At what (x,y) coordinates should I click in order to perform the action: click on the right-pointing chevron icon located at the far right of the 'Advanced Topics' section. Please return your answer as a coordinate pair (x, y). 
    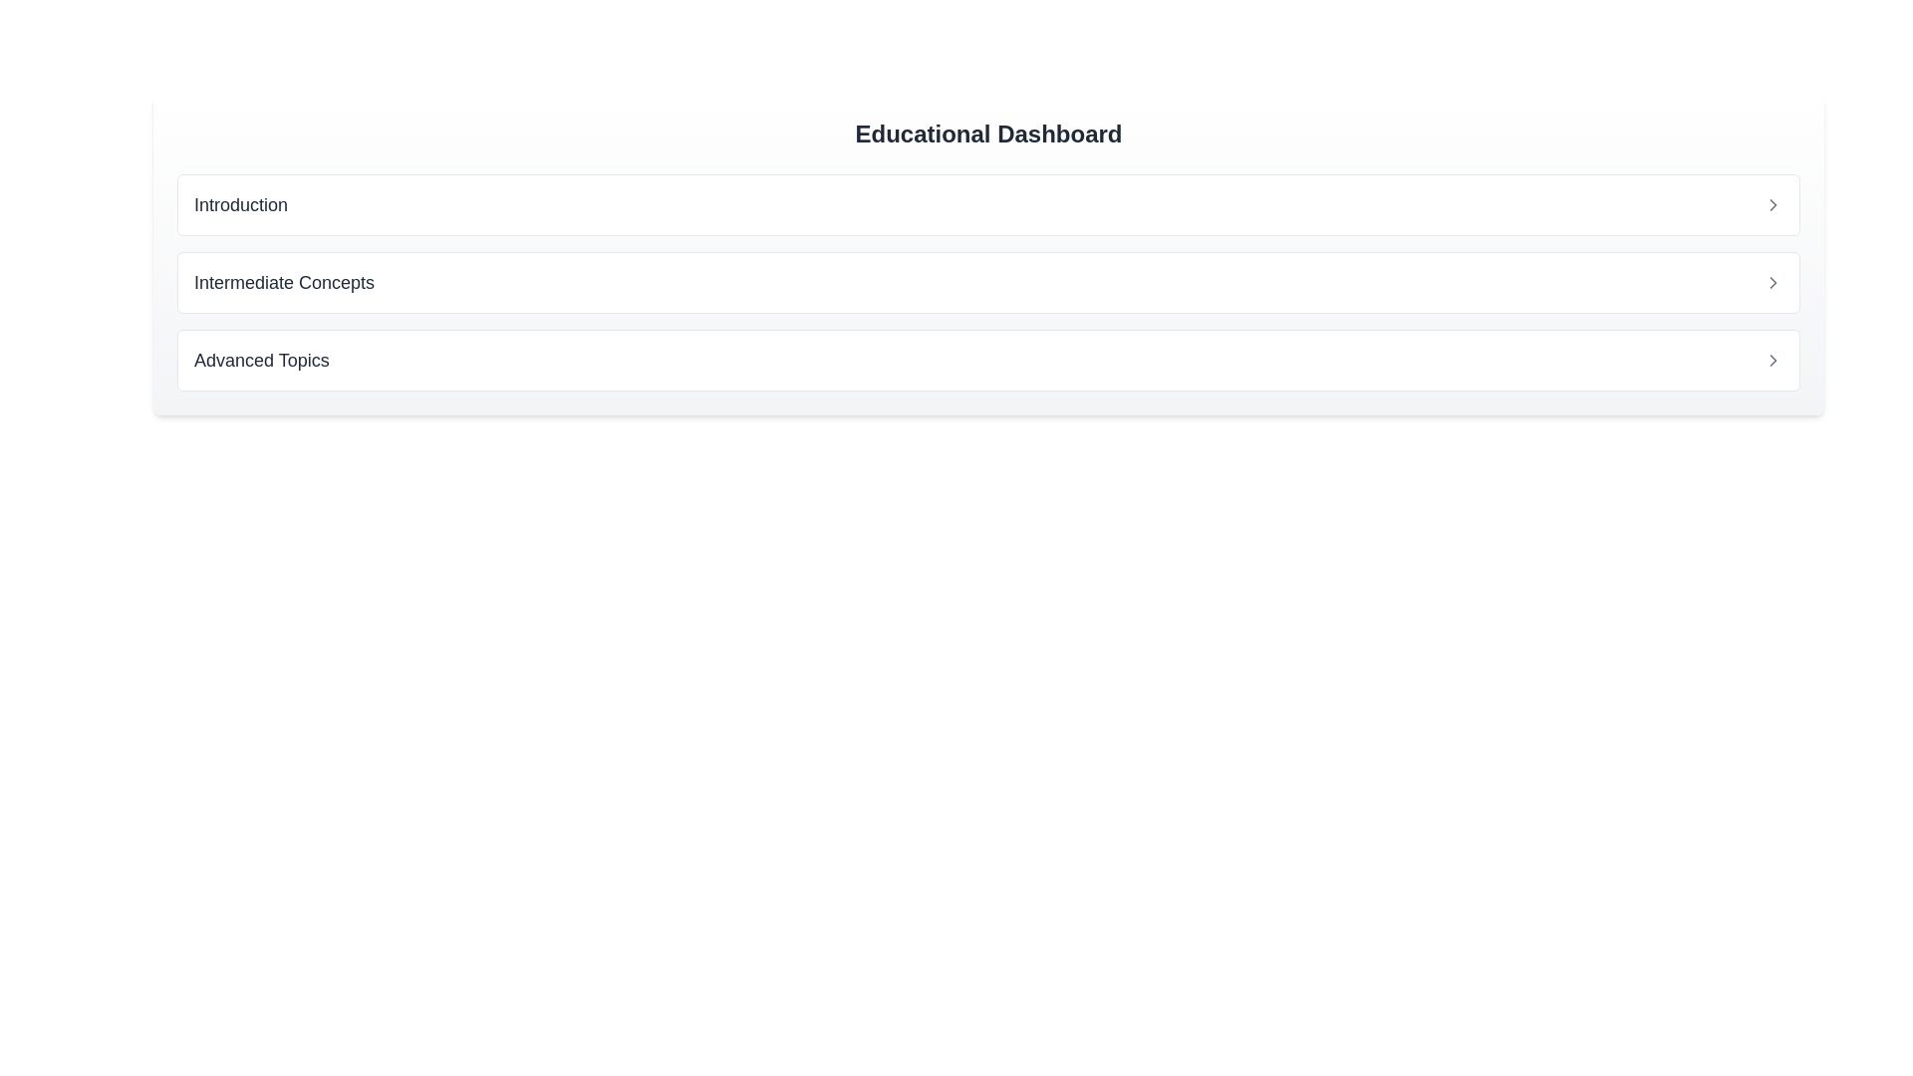
    Looking at the image, I should click on (1774, 361).